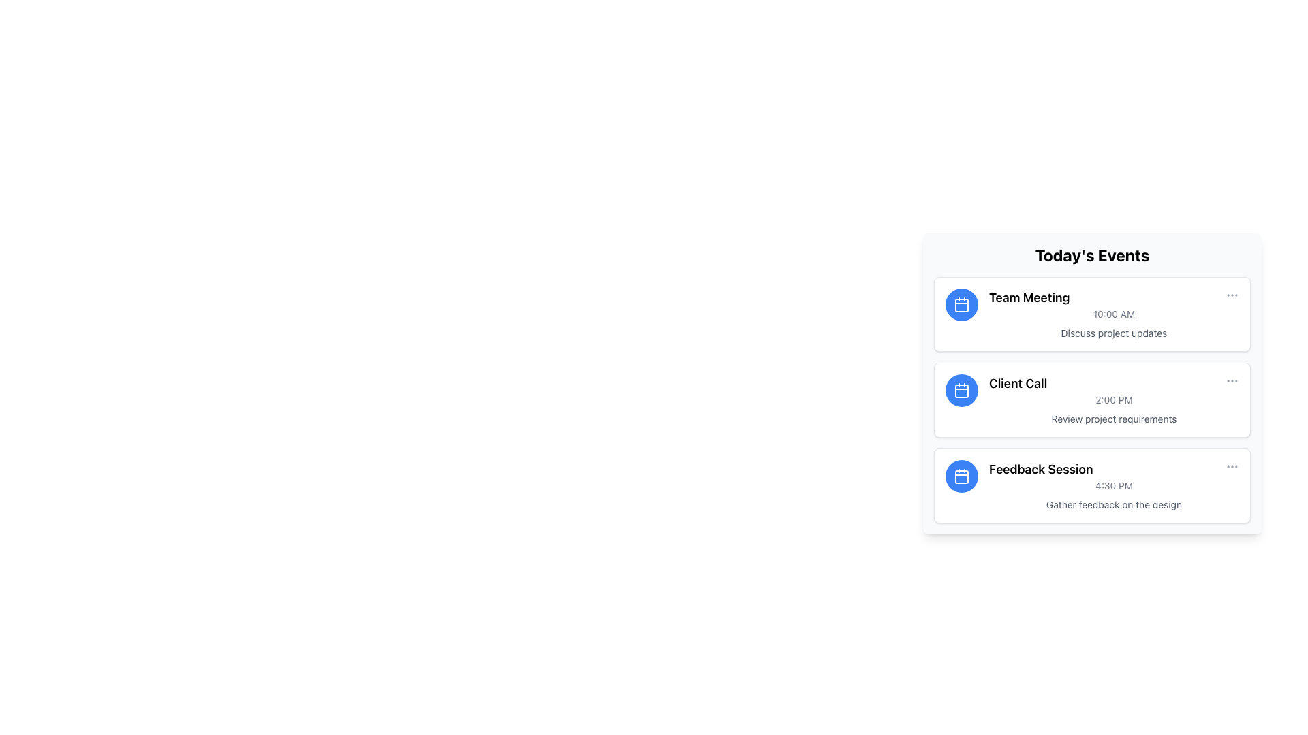 The image size is (1308, 735). I want to click on the gray three-dot menu icon located at the far right of the 'Feedback Session' section, so click(1232, 466).